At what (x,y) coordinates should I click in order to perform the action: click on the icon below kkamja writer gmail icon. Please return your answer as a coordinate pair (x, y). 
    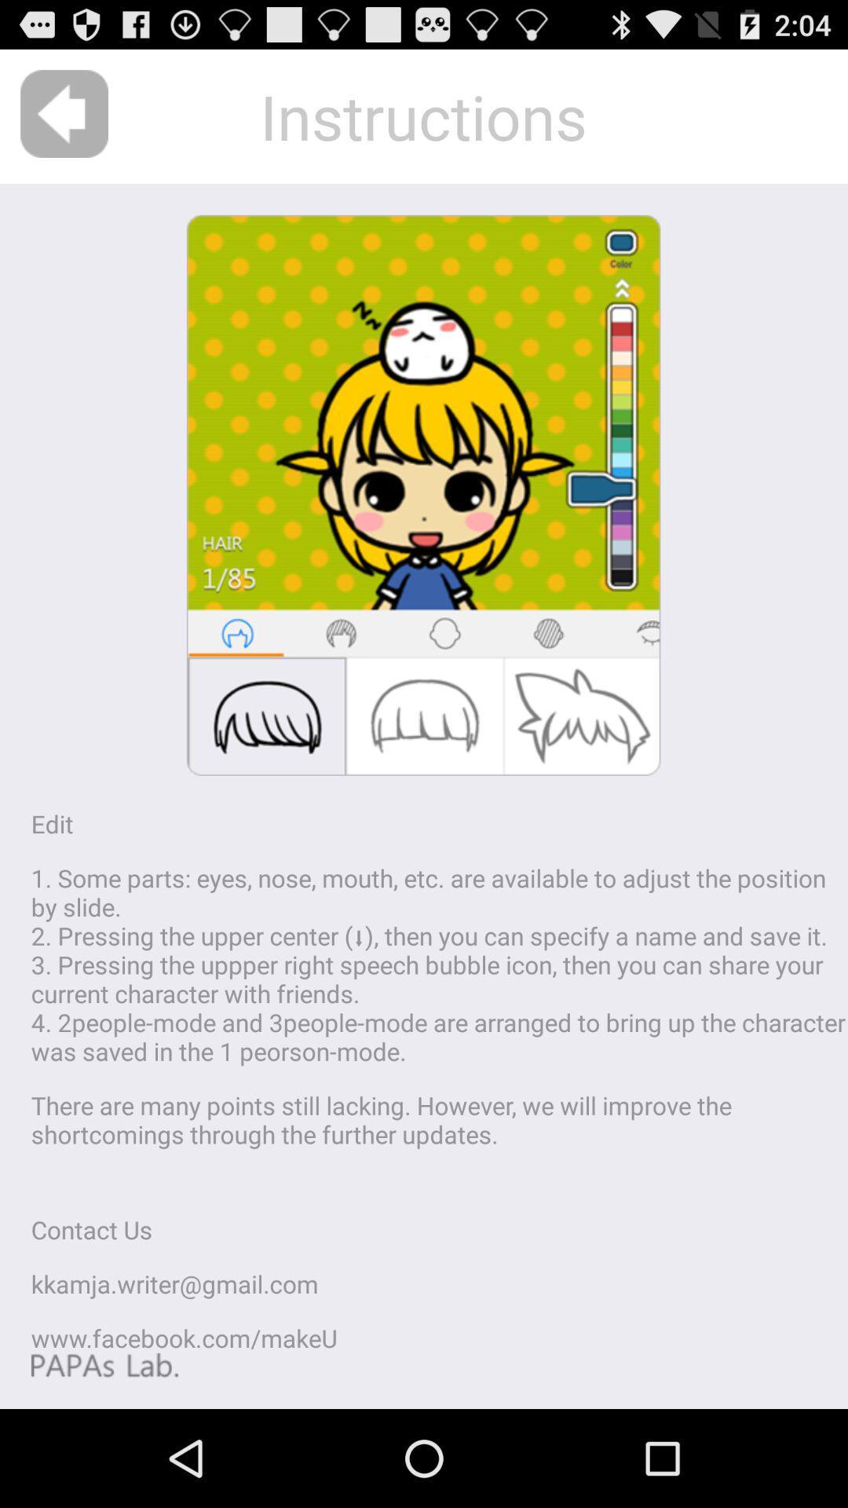
    Looking at the image, I should click on (183, 1337).